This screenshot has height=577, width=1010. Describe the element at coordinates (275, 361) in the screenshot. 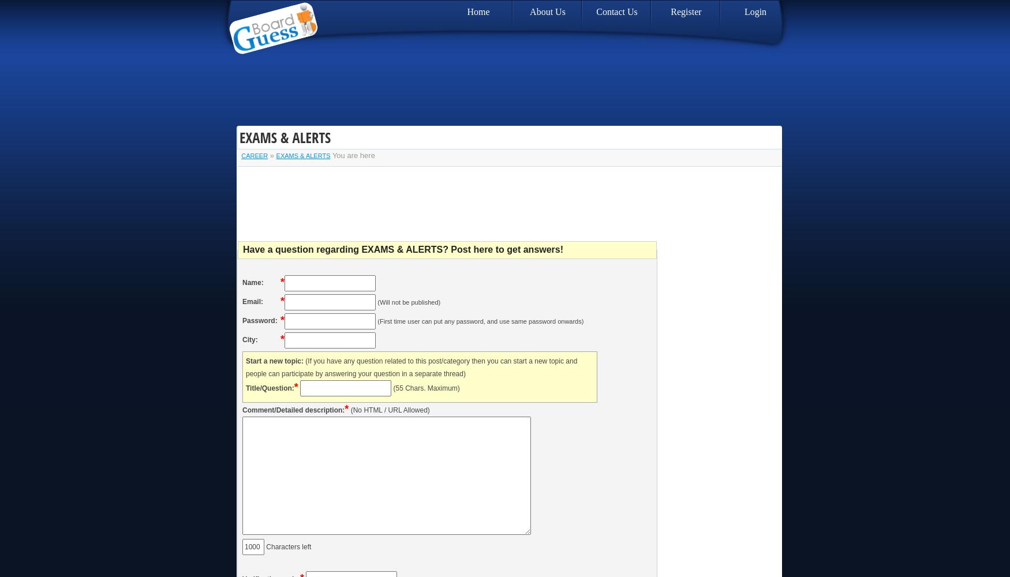

I see `'Start a new topic:'` at that location.